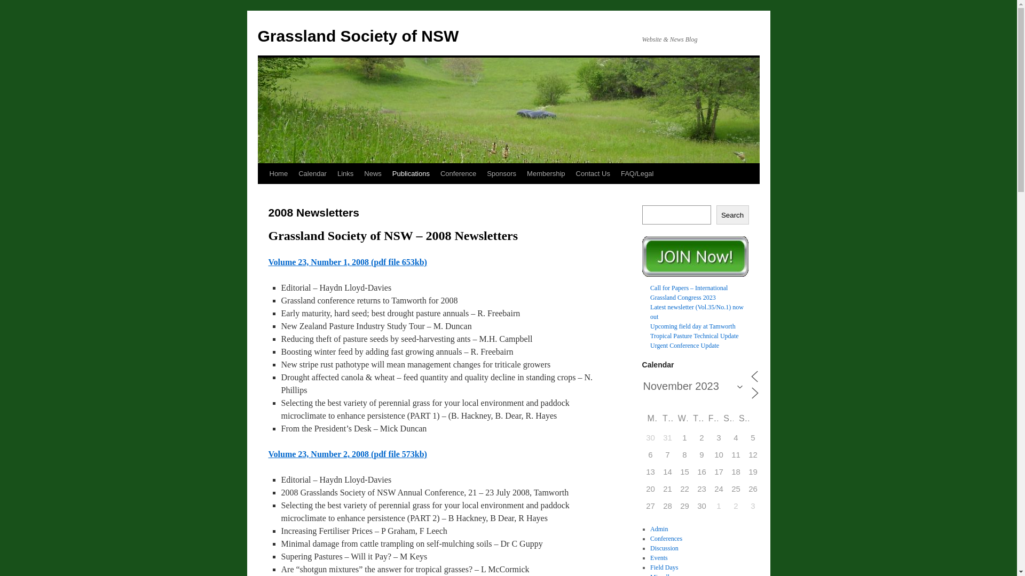  I want to click on 'Skip to content', so click(262, 193).